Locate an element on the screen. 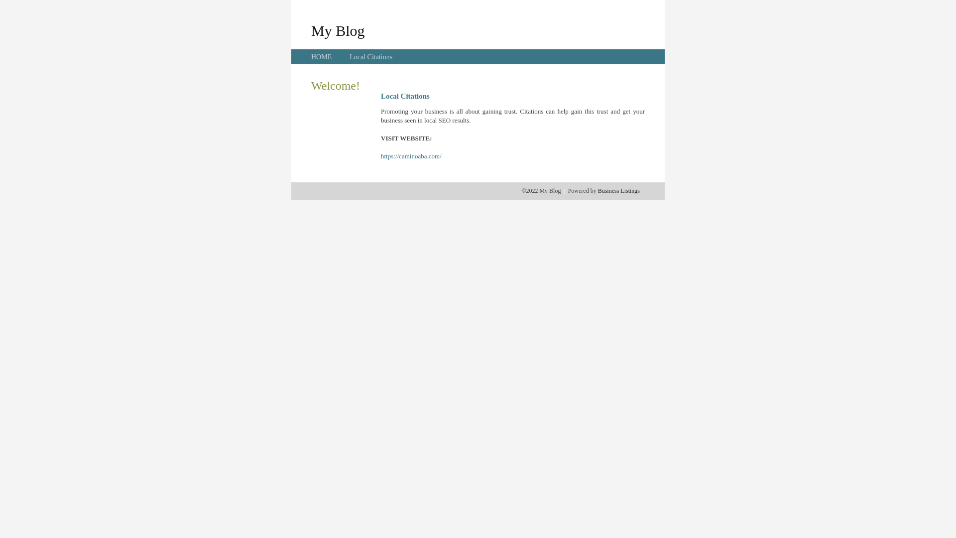 The width and height of the screenshot is (956, 538). 'Local Citations' is located at coordinates (349, 57).